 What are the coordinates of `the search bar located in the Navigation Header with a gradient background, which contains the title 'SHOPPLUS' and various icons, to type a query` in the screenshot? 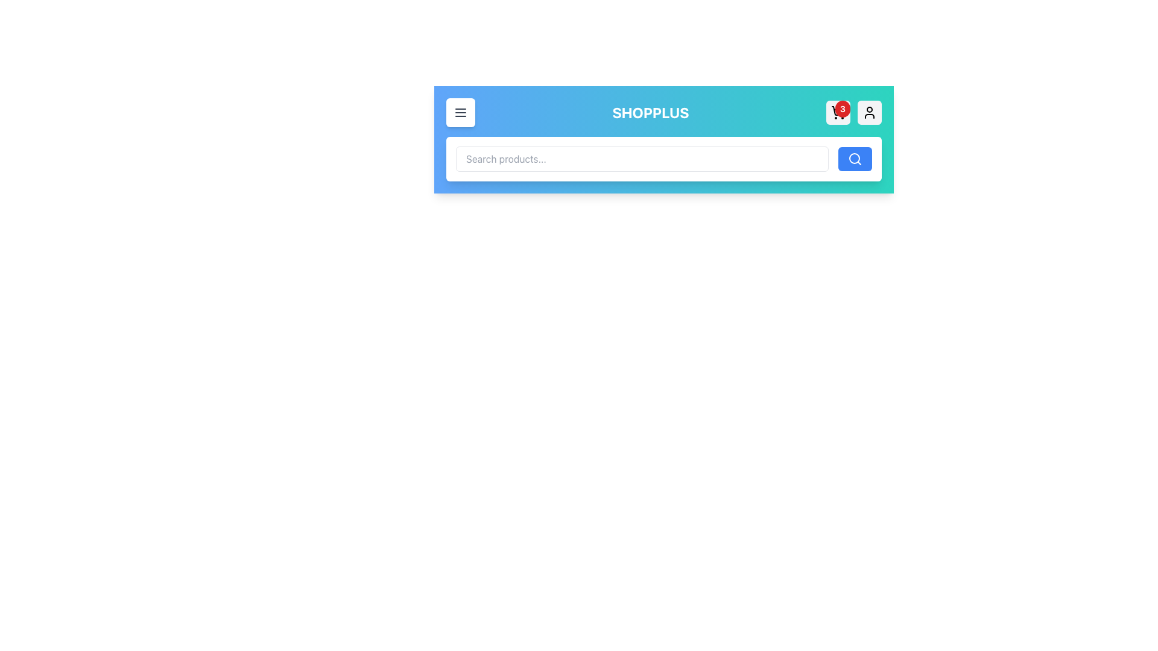 It's located at (663, 139).